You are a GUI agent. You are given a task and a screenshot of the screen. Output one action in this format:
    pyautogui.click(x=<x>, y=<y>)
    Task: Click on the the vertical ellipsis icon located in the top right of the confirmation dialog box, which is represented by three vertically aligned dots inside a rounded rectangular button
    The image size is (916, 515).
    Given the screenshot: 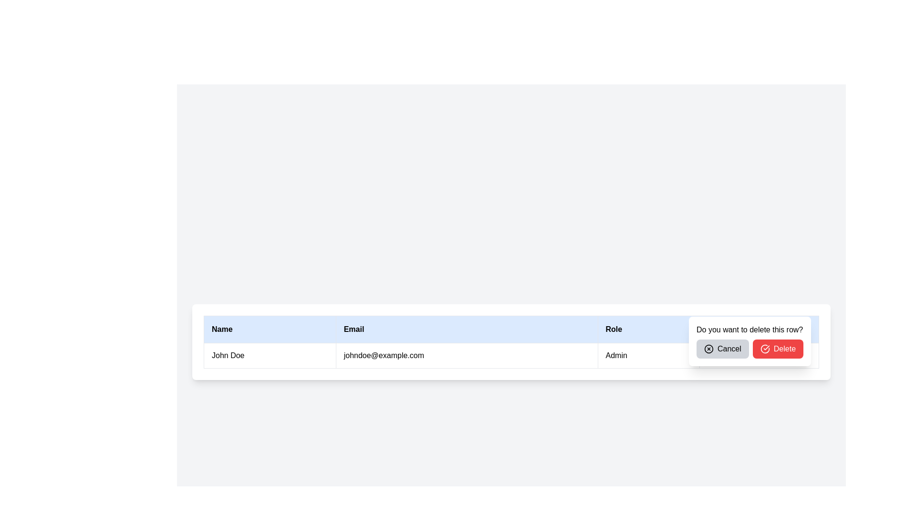 What is the action you would take?
    pyautogui.click(x=716, y=355)
    